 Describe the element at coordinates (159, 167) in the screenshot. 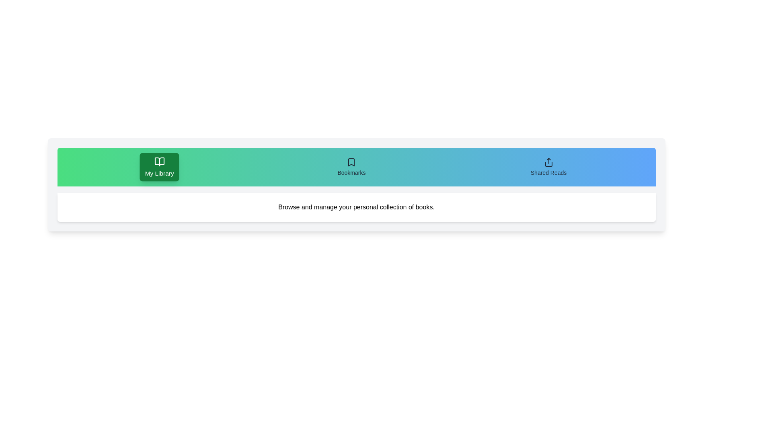

I see `the tab labeled My Library` at that location.